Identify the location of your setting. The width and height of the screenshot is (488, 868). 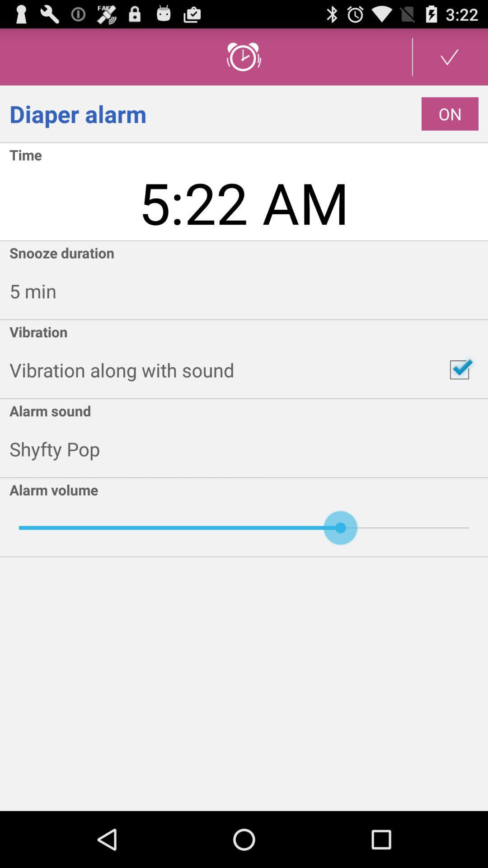
(450, 56).